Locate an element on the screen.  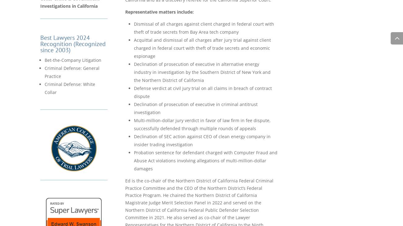
'Representative matters include:' is located at coordinates (125, 11).